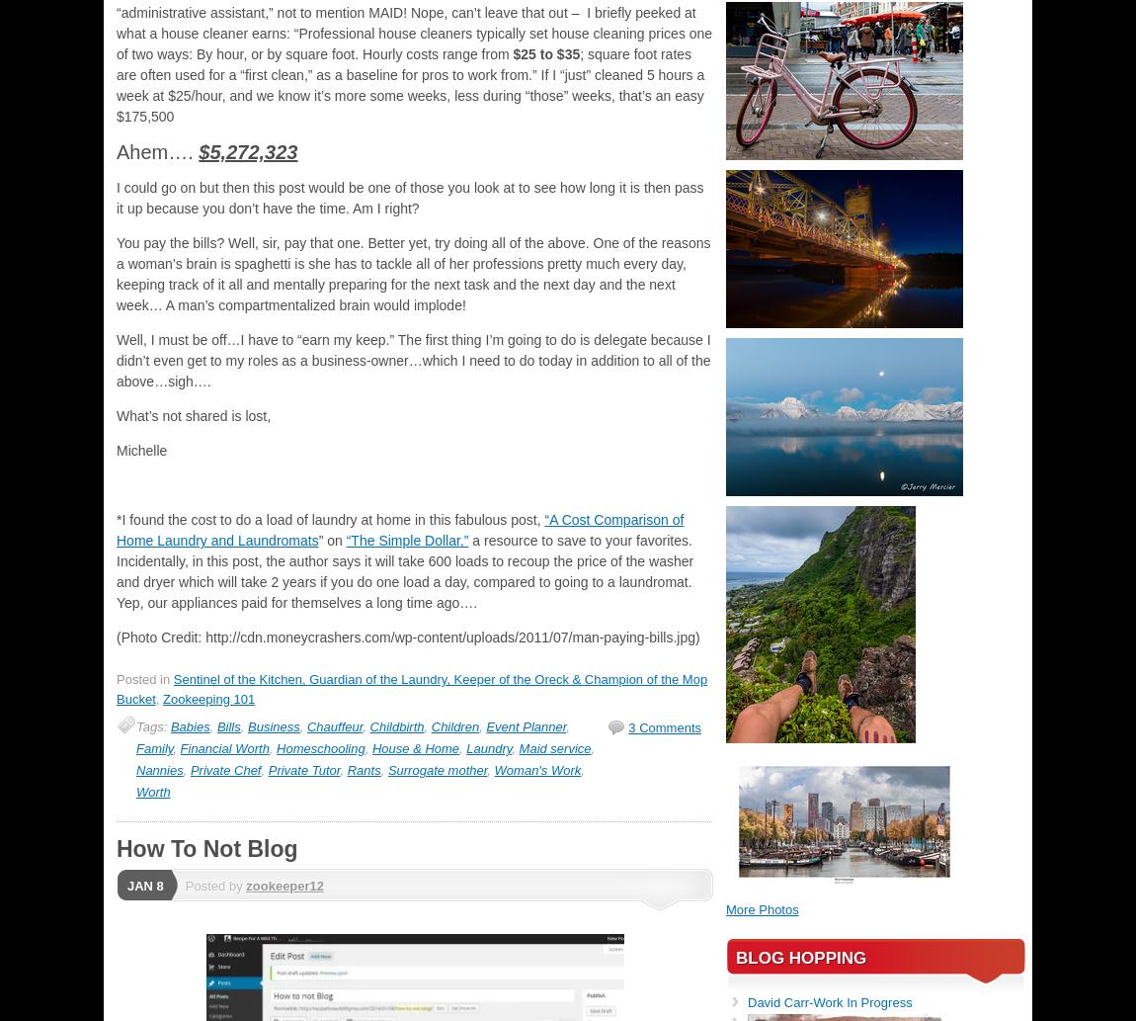  Describe the element at coordinates (223, 748) in the screenshot. I see `'Financial Worth'` at that location.